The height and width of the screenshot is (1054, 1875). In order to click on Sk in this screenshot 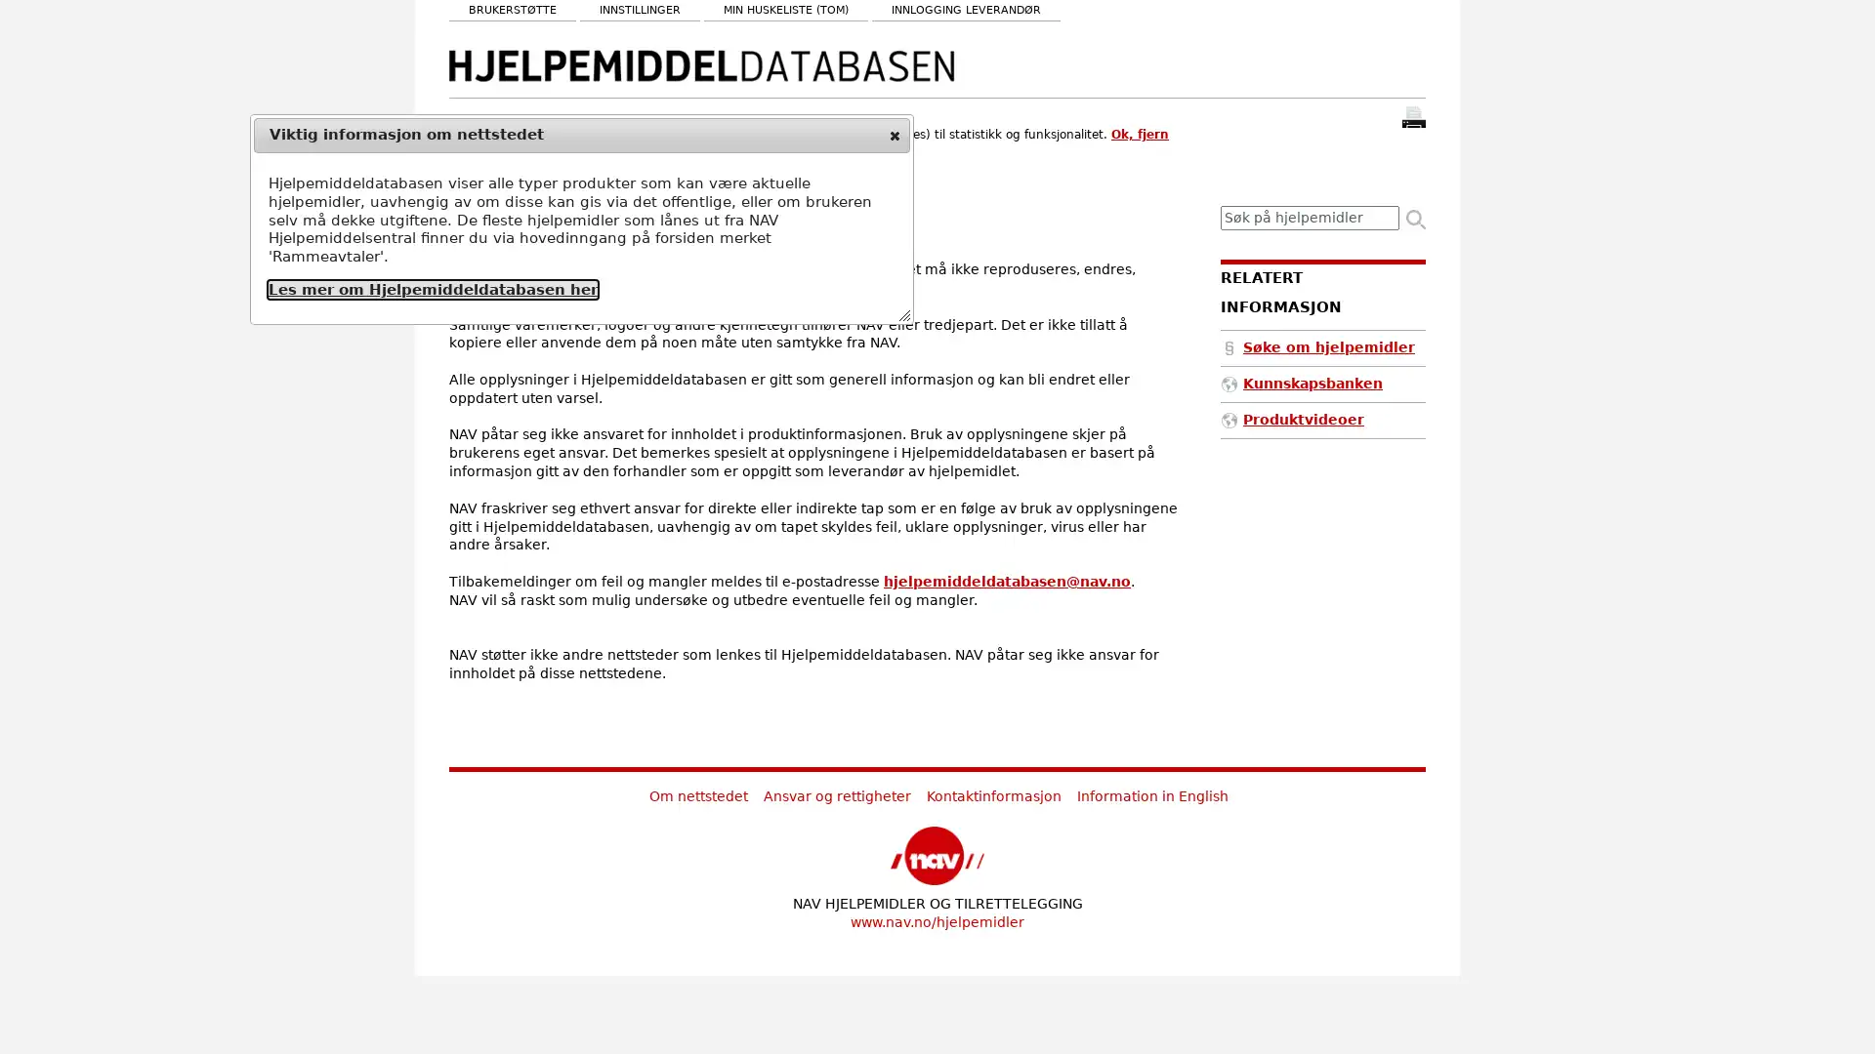, I will do `click(1415, 218)`.